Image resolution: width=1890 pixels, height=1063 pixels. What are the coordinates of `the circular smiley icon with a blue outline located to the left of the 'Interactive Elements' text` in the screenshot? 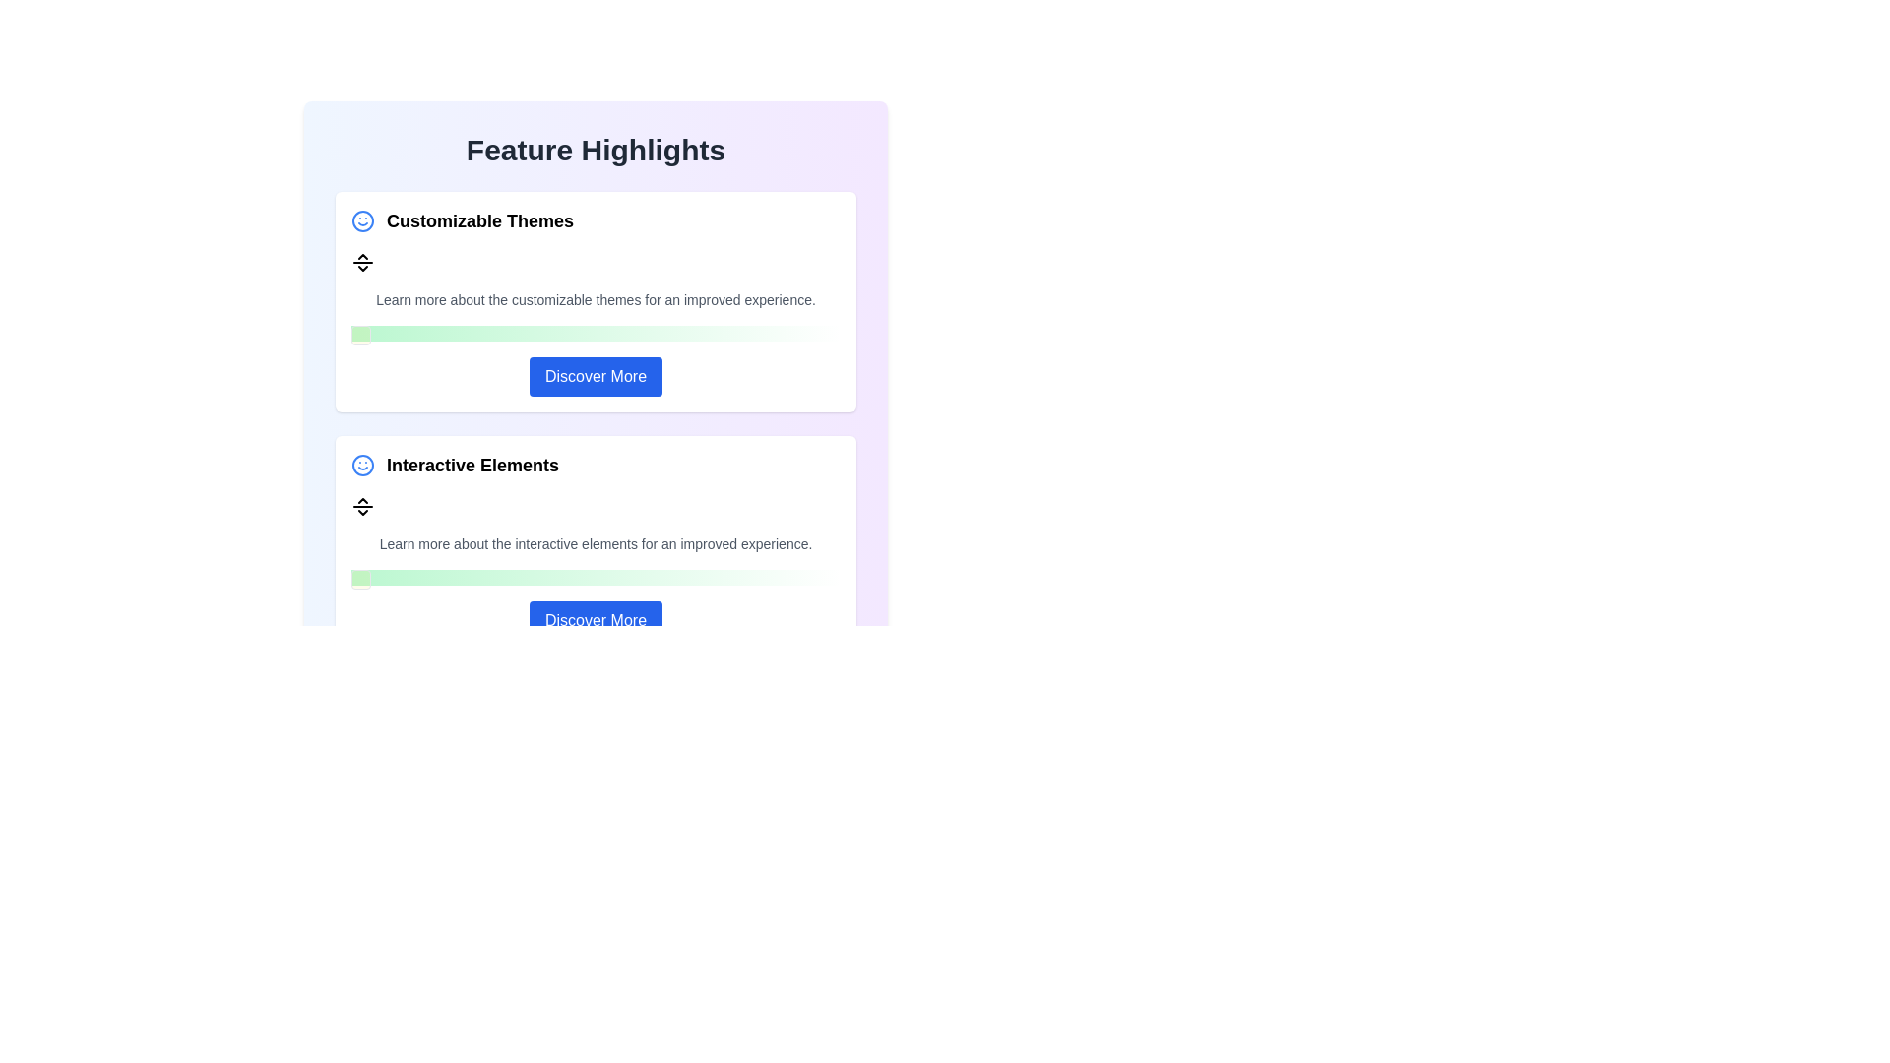 It's located at (363, 466).